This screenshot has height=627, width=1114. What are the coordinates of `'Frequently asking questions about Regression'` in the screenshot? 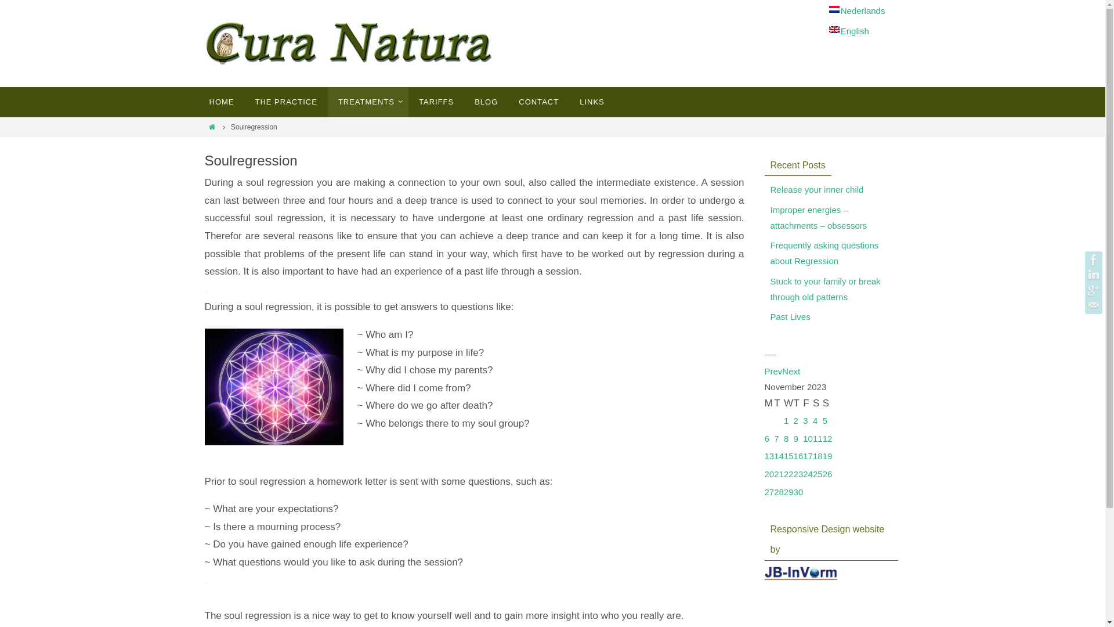 It's located at (824, 253).